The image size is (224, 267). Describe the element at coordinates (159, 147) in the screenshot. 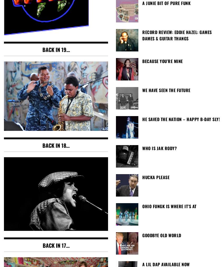

I see `'Who is Jak Rody?'` at that location.